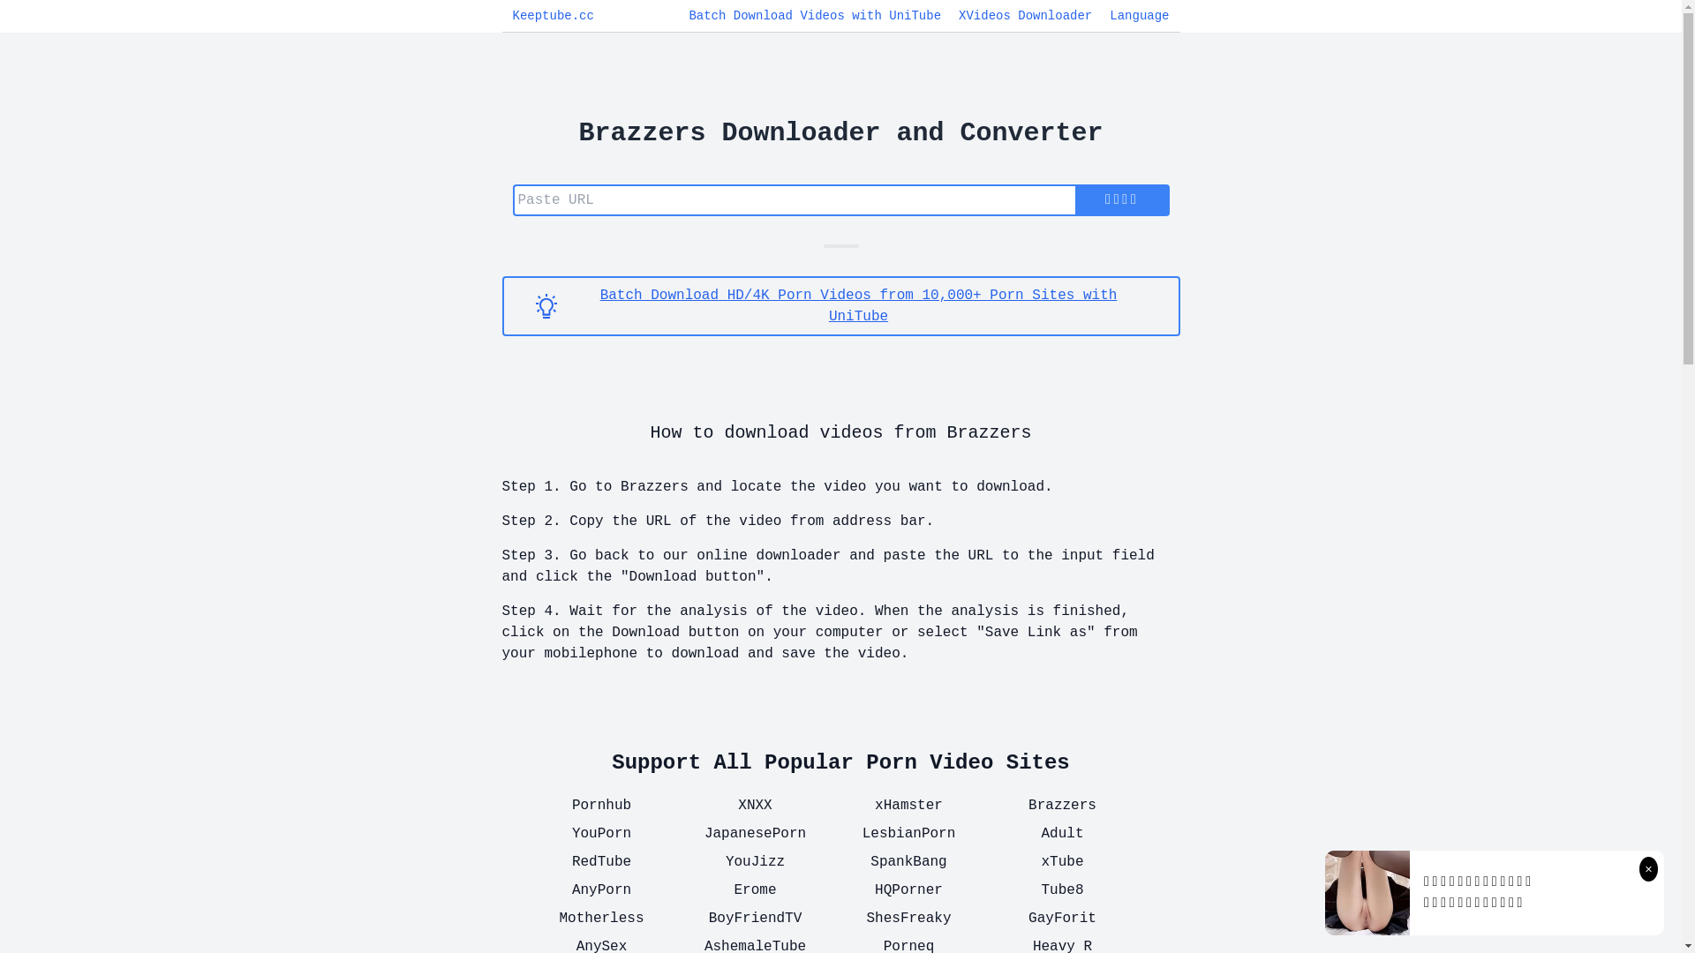 The height and width of the screenshot is (953, 1695). I want to click on 'XNXX', so click(754, 806).